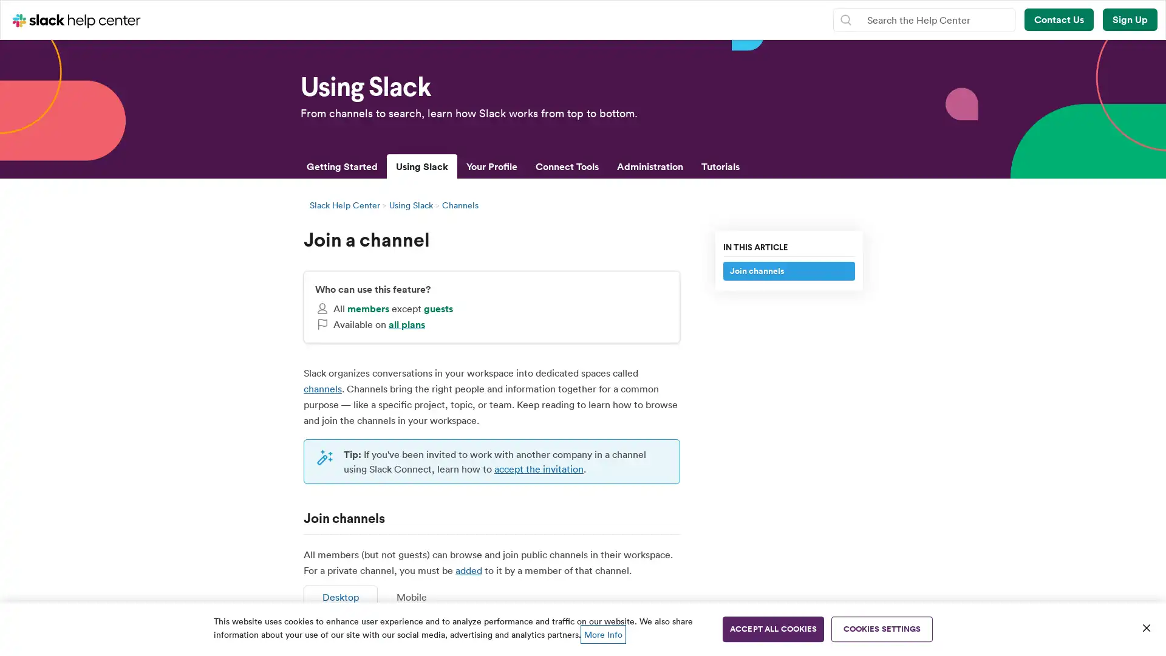 The image size is (1166, 656). Describe the element at coordinates (1145, 627) in the screenshot. I see `Close` at that location.